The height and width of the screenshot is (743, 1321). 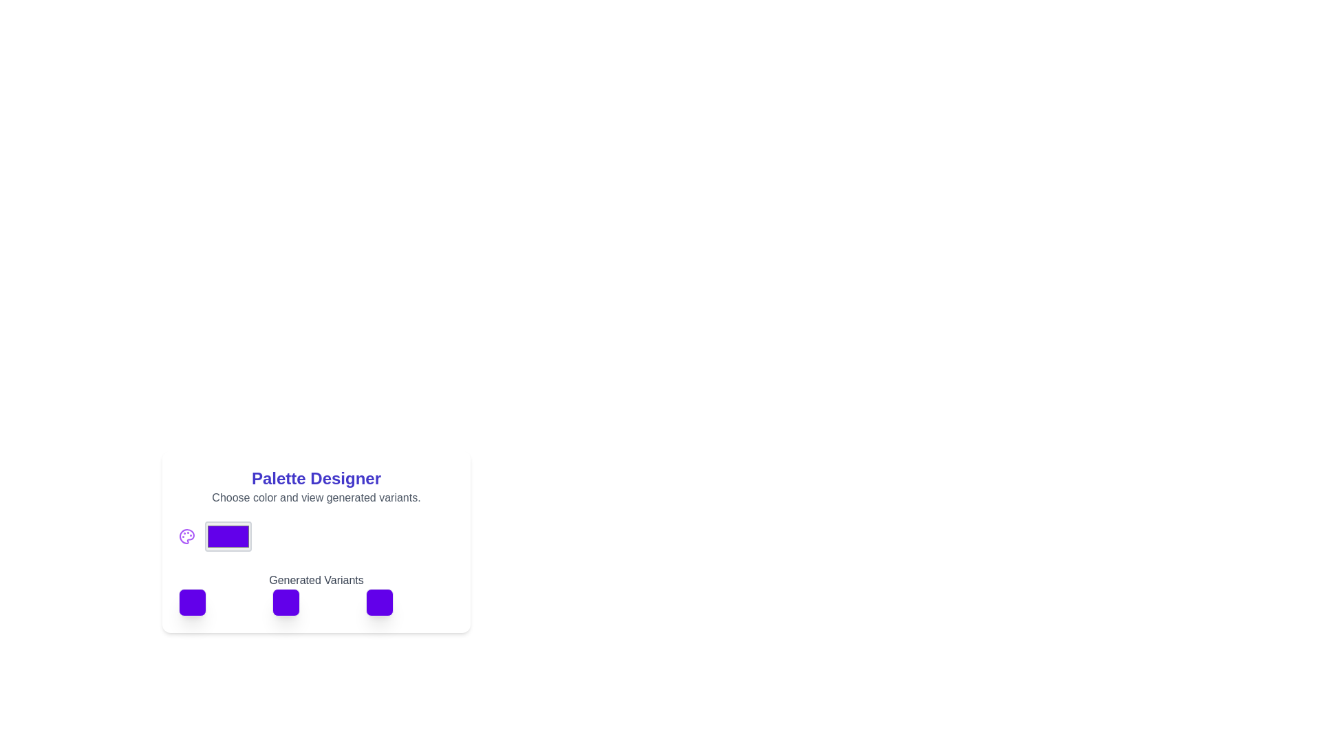 I want to click on the first button in the horizontal arrangement of three identical buttons located within the 'Generated Variants' card, so click(x=191, y=601).